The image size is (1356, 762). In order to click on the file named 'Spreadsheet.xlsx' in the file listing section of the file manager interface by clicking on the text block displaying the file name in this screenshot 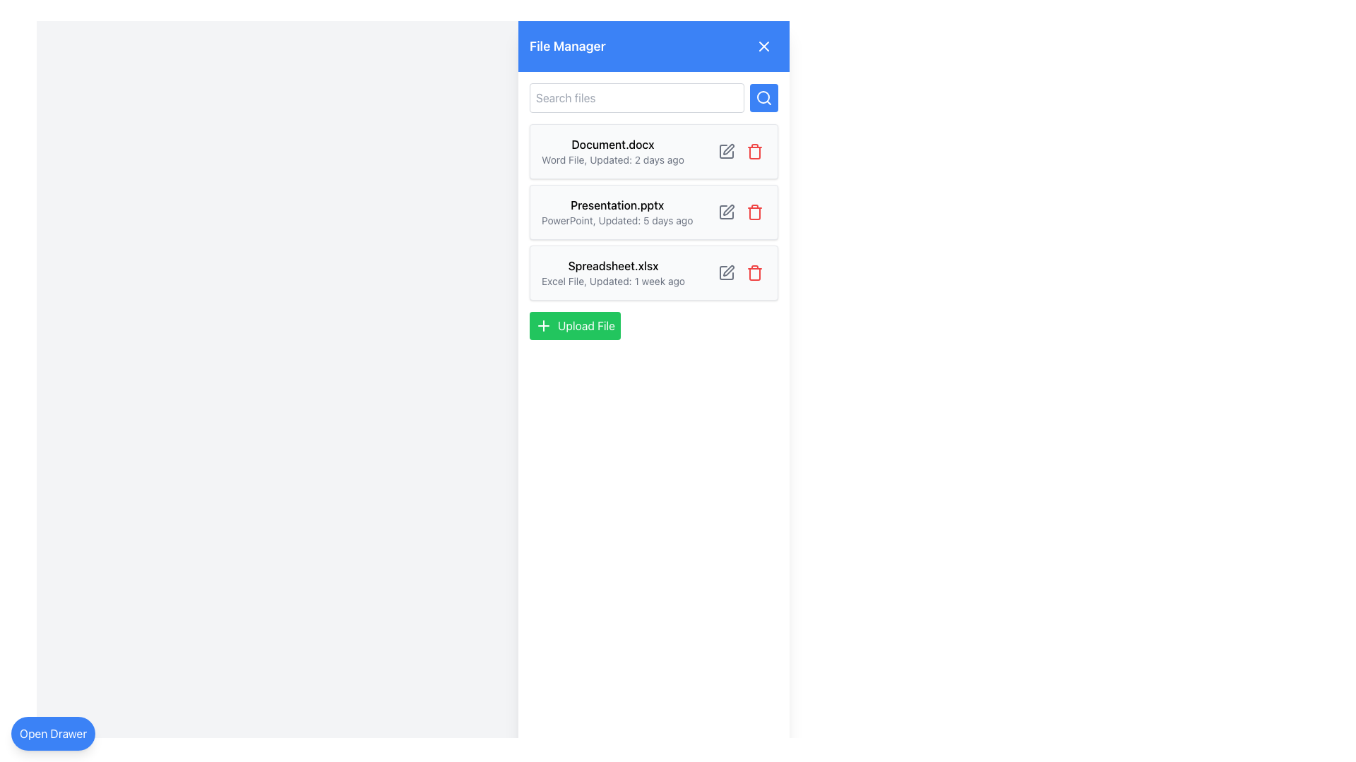, I will do `click(613, 272)`.